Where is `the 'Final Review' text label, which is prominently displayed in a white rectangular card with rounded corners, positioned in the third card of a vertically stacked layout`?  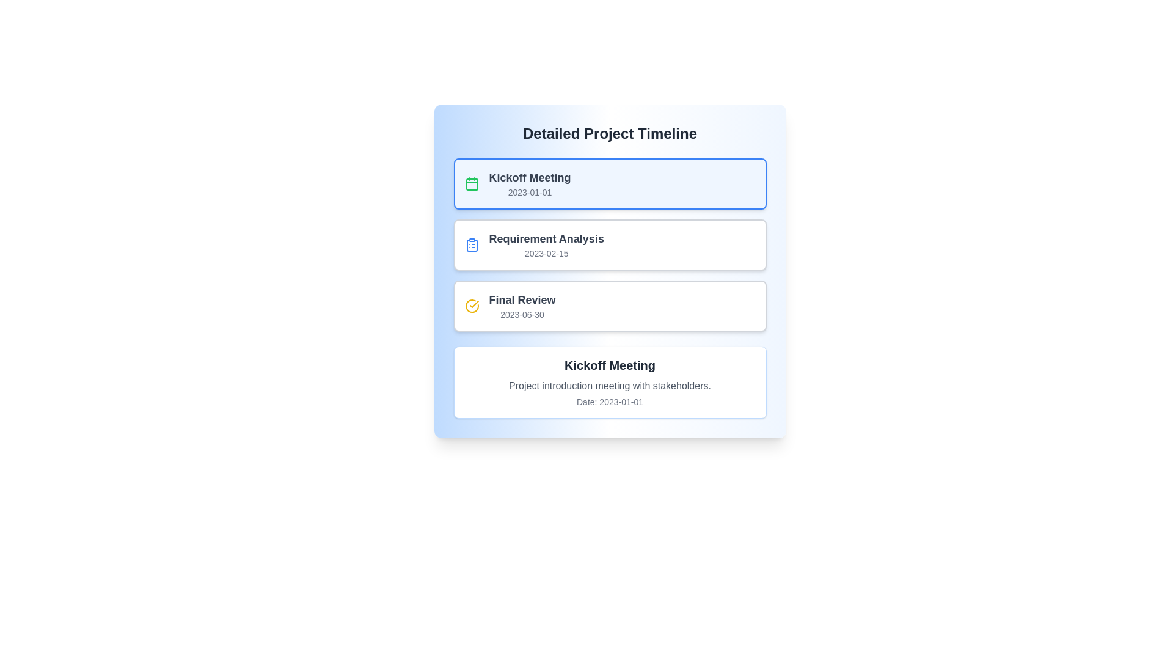
the 'Final Review' text label, which is prominently displayed in a white rectangular card with rounded corners, positioned in the third card of a vertically stacked layout is located at coordinates (522, 306).